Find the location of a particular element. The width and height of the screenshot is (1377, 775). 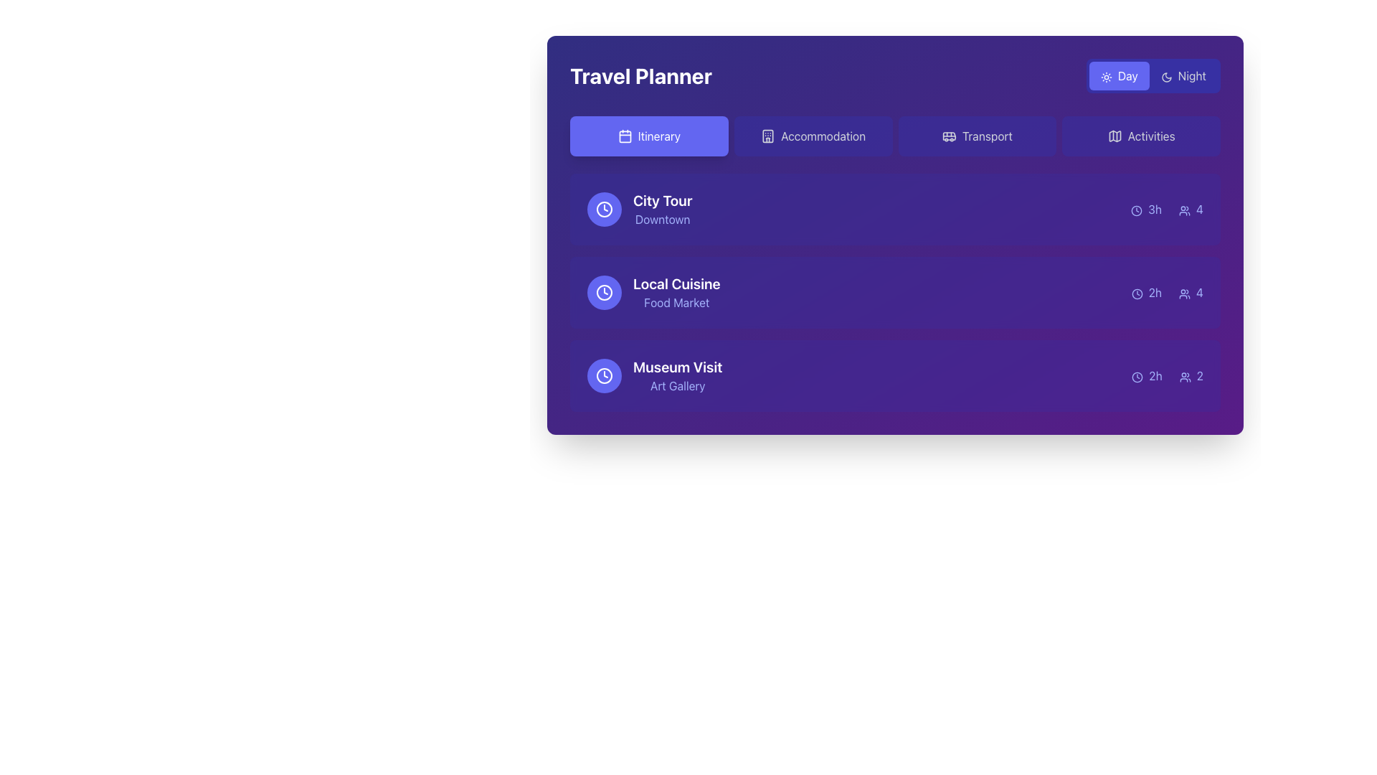

the text label displaying the number '4' with an icon of two overlapping user silhouettes in the 'Travel Planner' interface is located at coordinates (1191, 292).